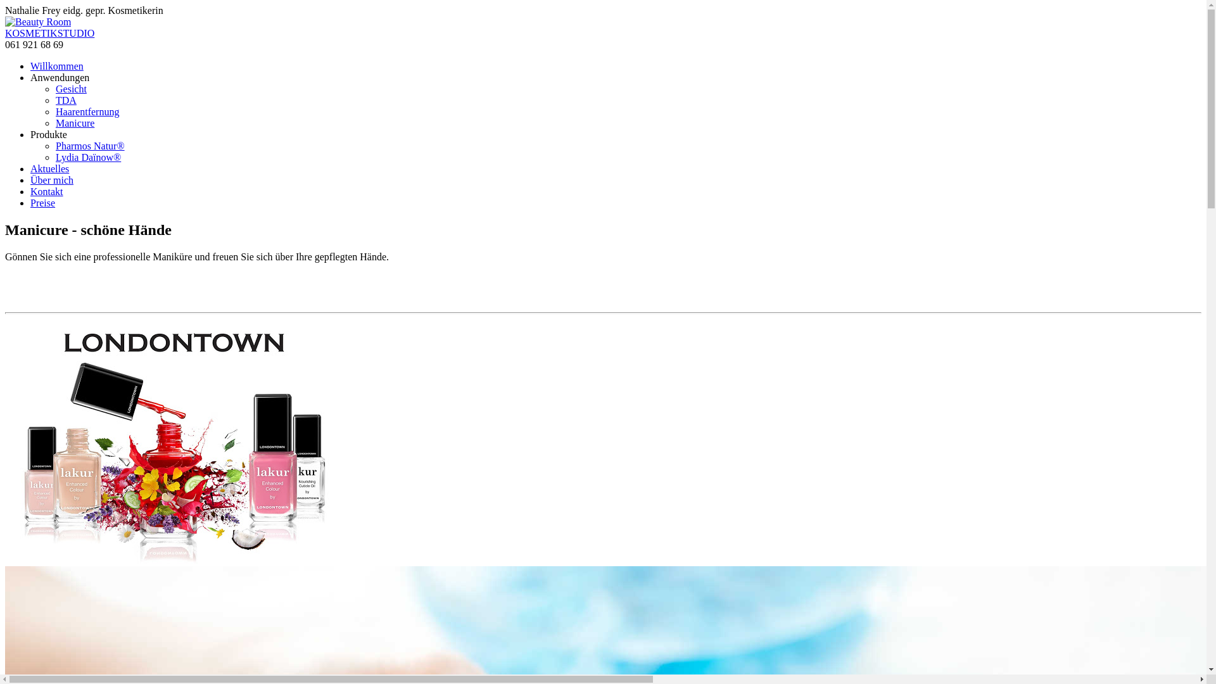 The height and width of the screenshot is (684, 1216). Describe the element at coordinates (56, 66) in the screenshot. I see `'Willkommen'` at that location.